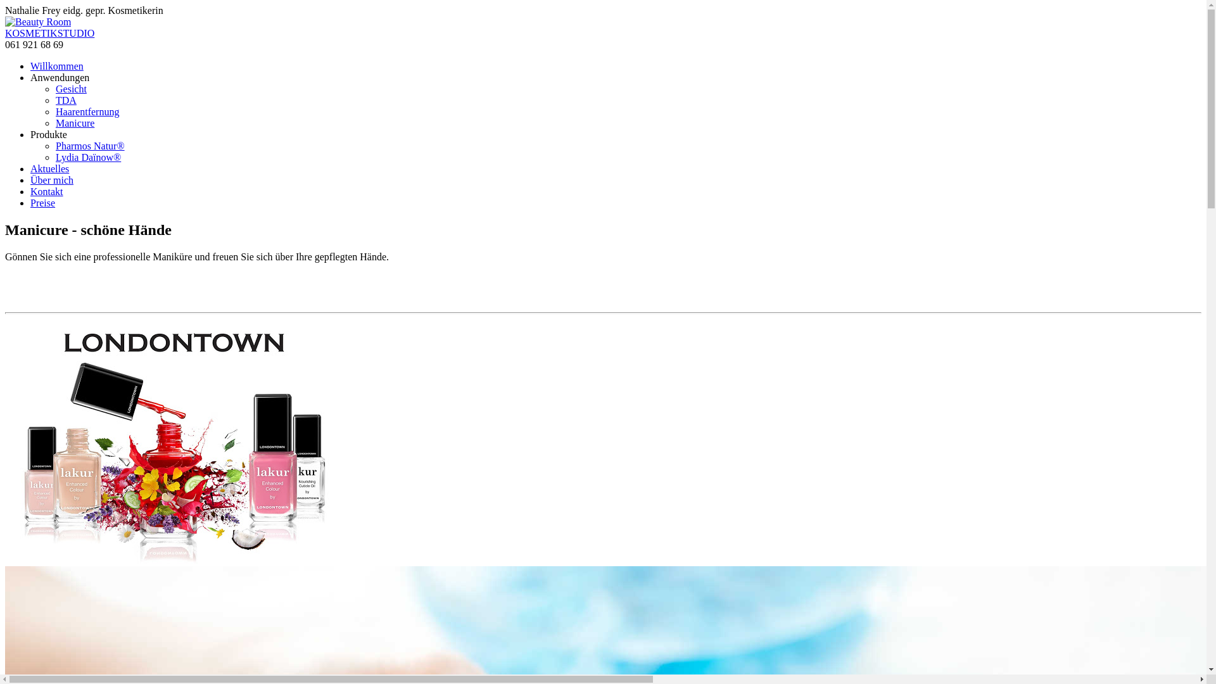 The height and width of the screenshot is (684, 1216). Describe the element at coordinates (56, 66) in the screenshot. I see `'Willkommen'` at that location.